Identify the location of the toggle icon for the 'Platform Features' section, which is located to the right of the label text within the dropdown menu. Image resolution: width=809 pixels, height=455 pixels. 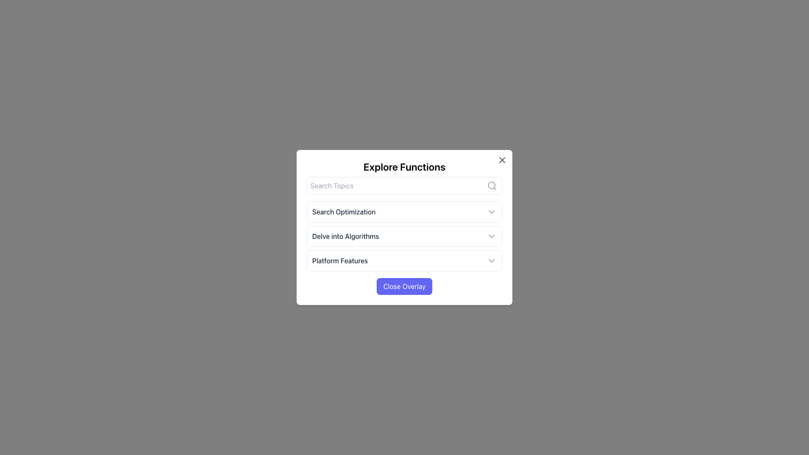
(491, 260).